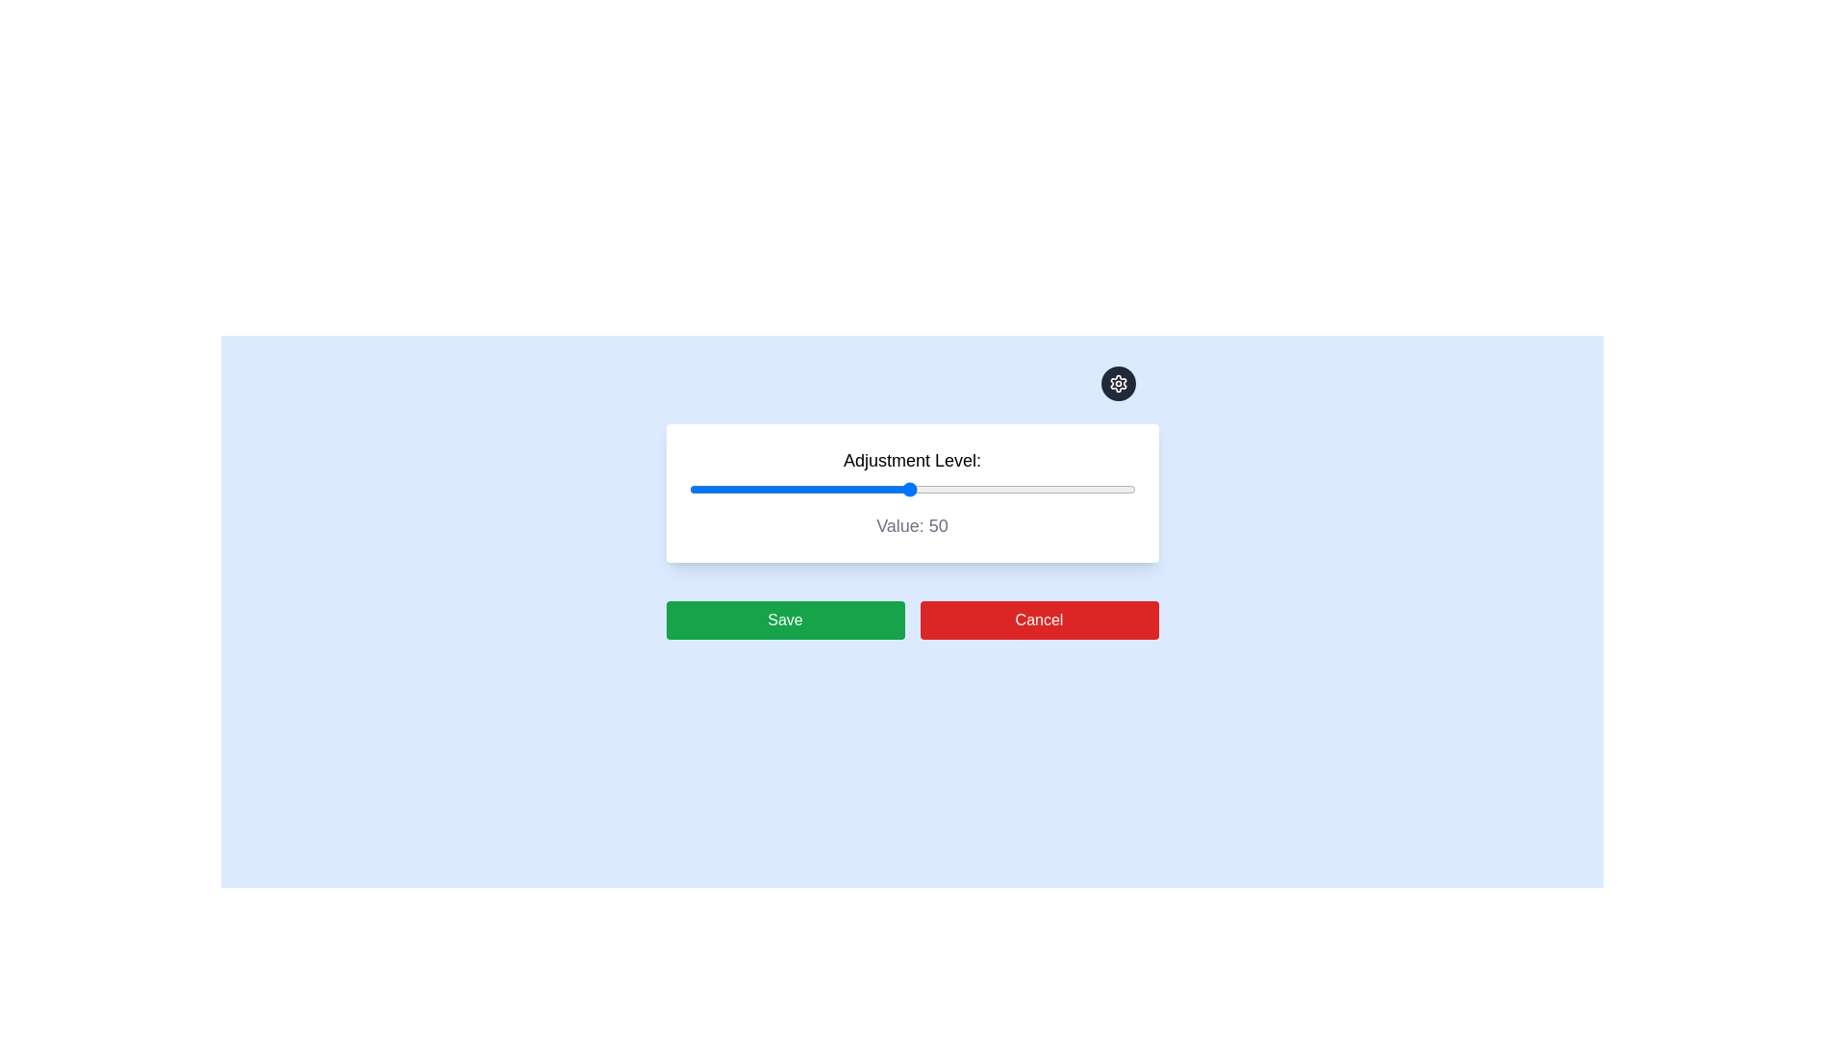 The width and height of the screenshot is (1847, 1039). What do you see at coordinates (1081, 489) in the screenshot?
I see `the adjustment level` at bounding box center [1081, 489].